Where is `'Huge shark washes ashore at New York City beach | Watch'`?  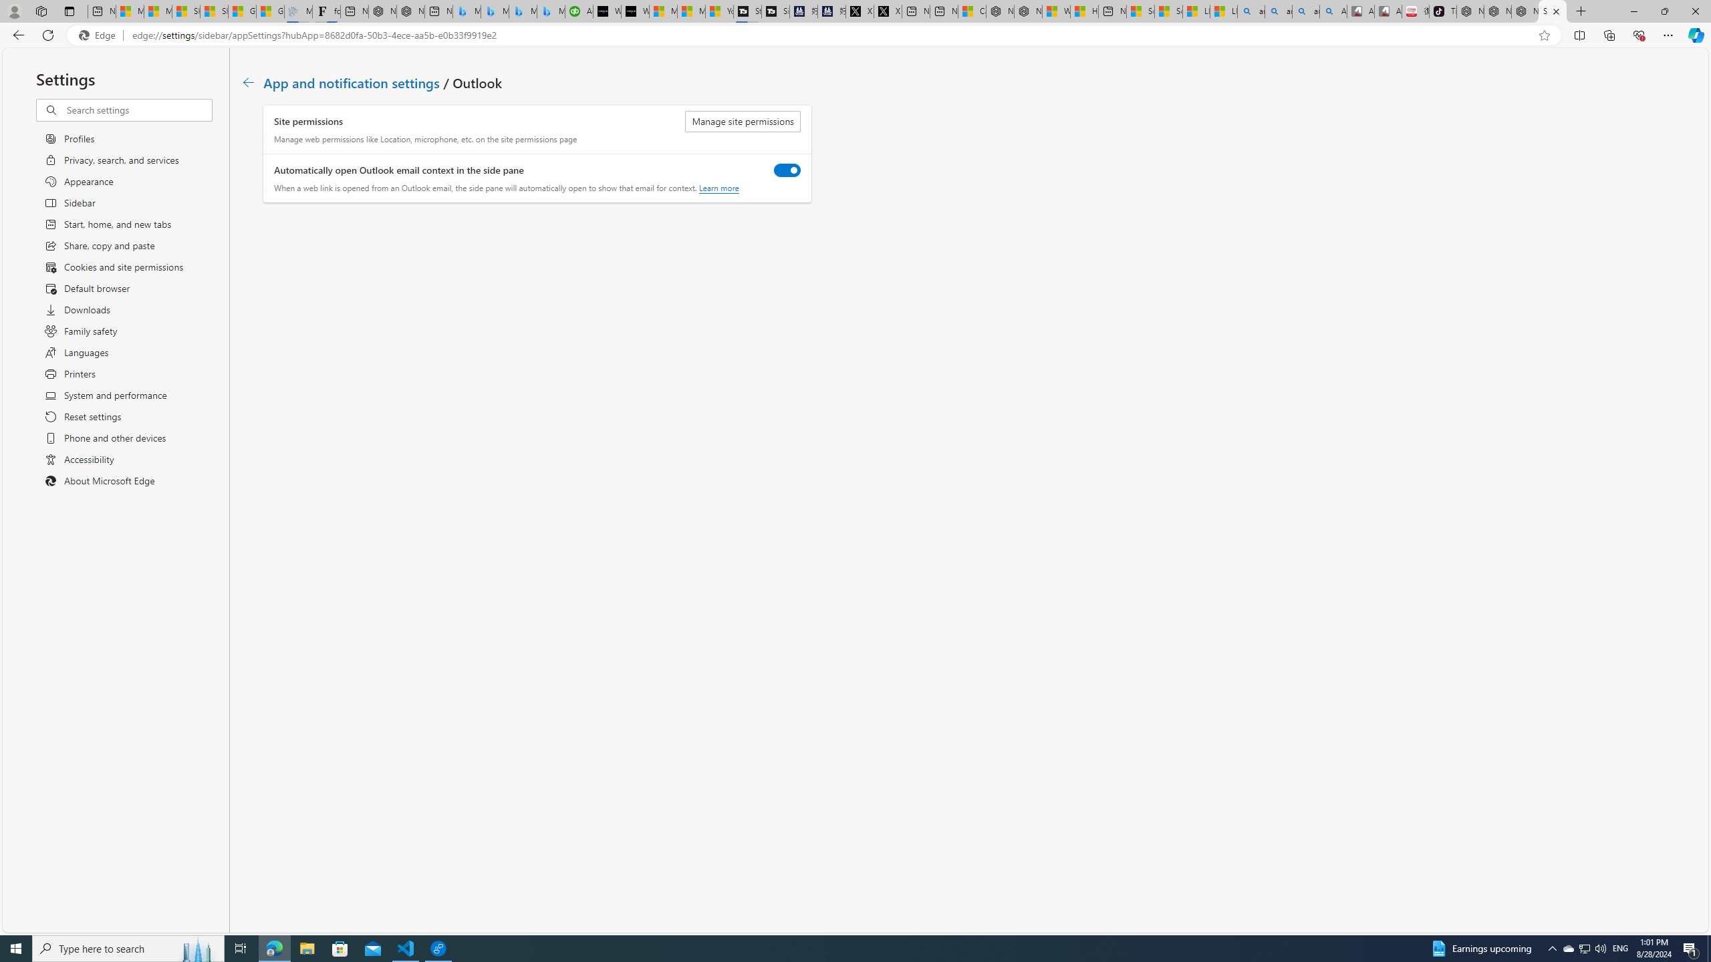
'Huge shark washes ashore at New York City beach | Watch' is located at coordinates (1083, 11).